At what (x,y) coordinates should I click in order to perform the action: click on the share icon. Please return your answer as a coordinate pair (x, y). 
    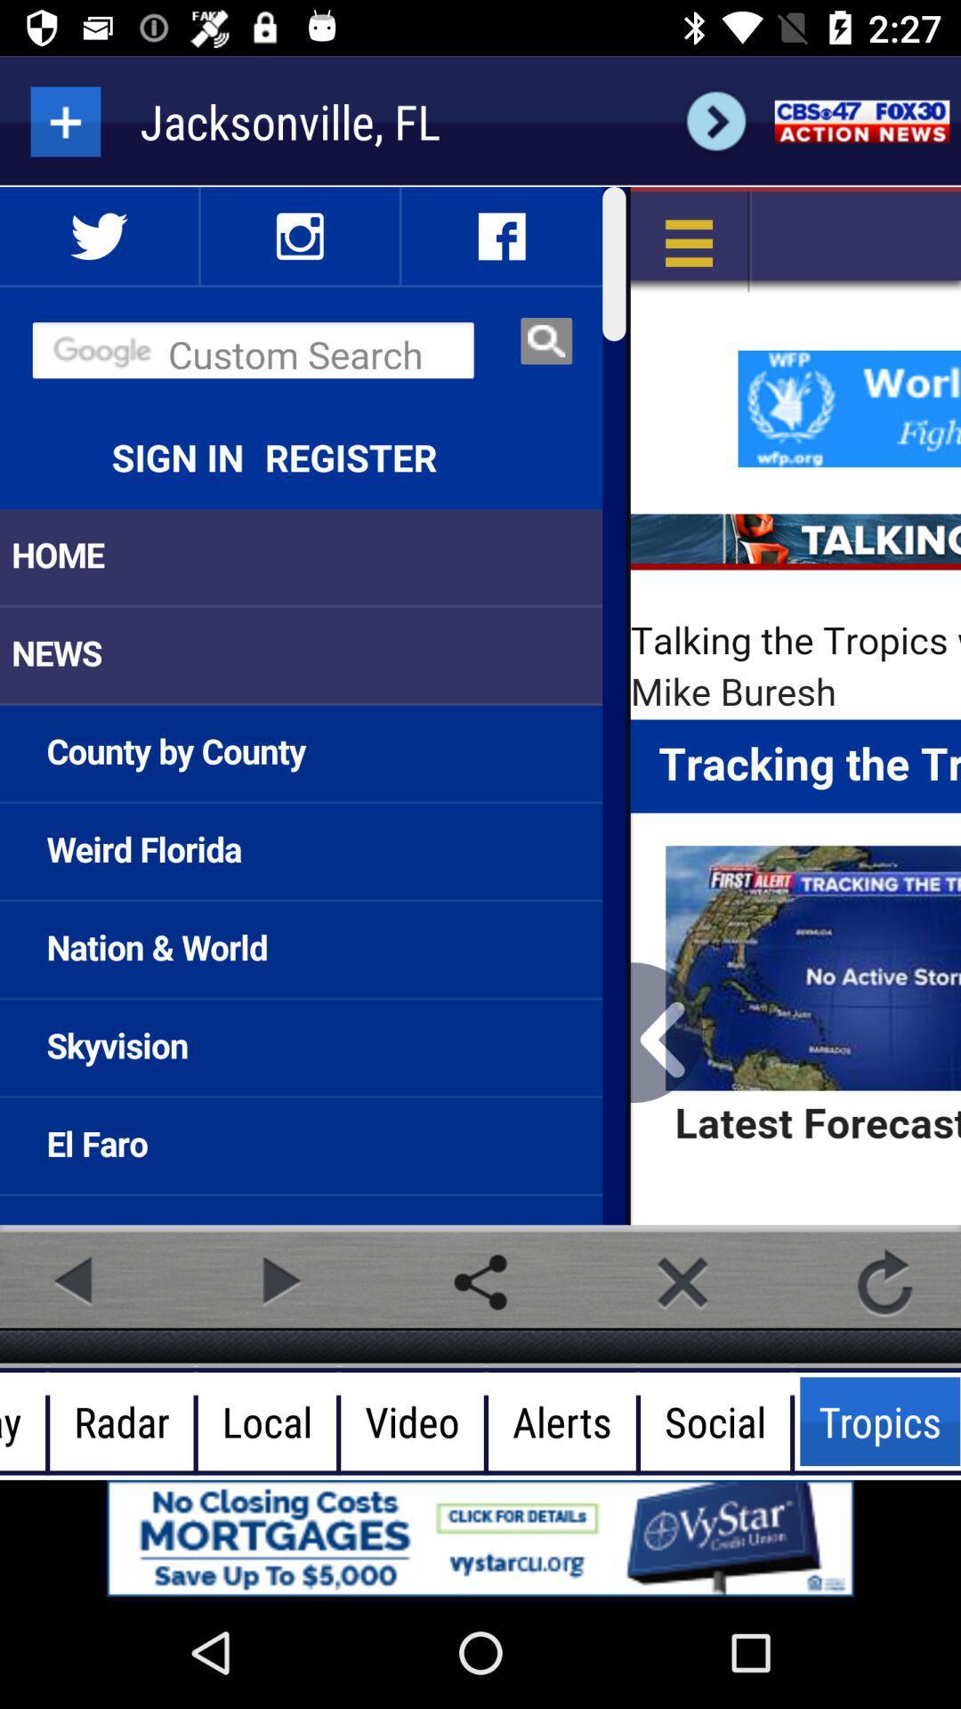
    Looking at the image, I should click on (480, 1282).